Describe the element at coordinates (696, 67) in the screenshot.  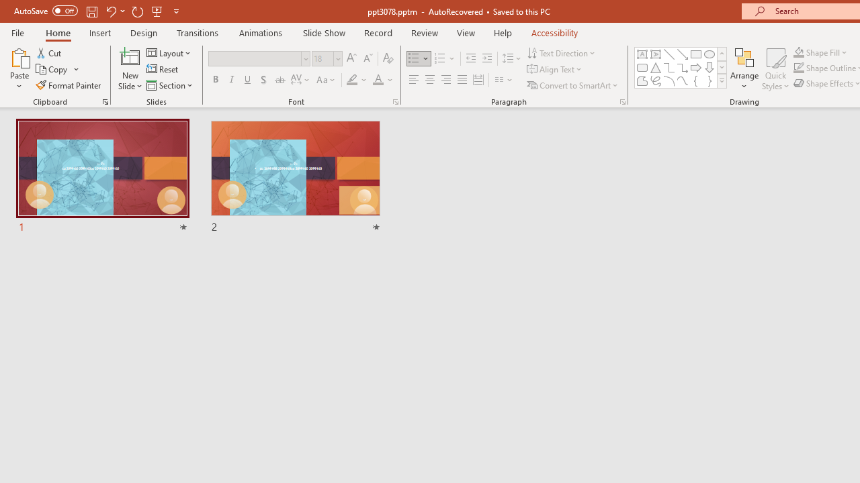
I see `'Arrow: Right'` at that location.